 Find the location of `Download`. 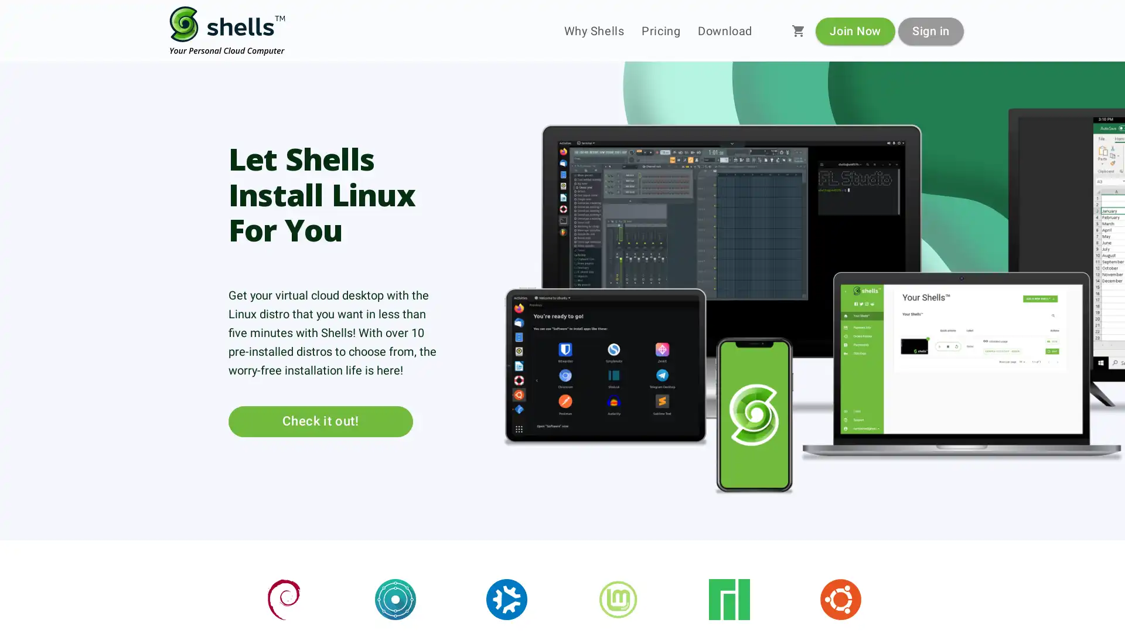

Download is located at coordinates (724, 30).